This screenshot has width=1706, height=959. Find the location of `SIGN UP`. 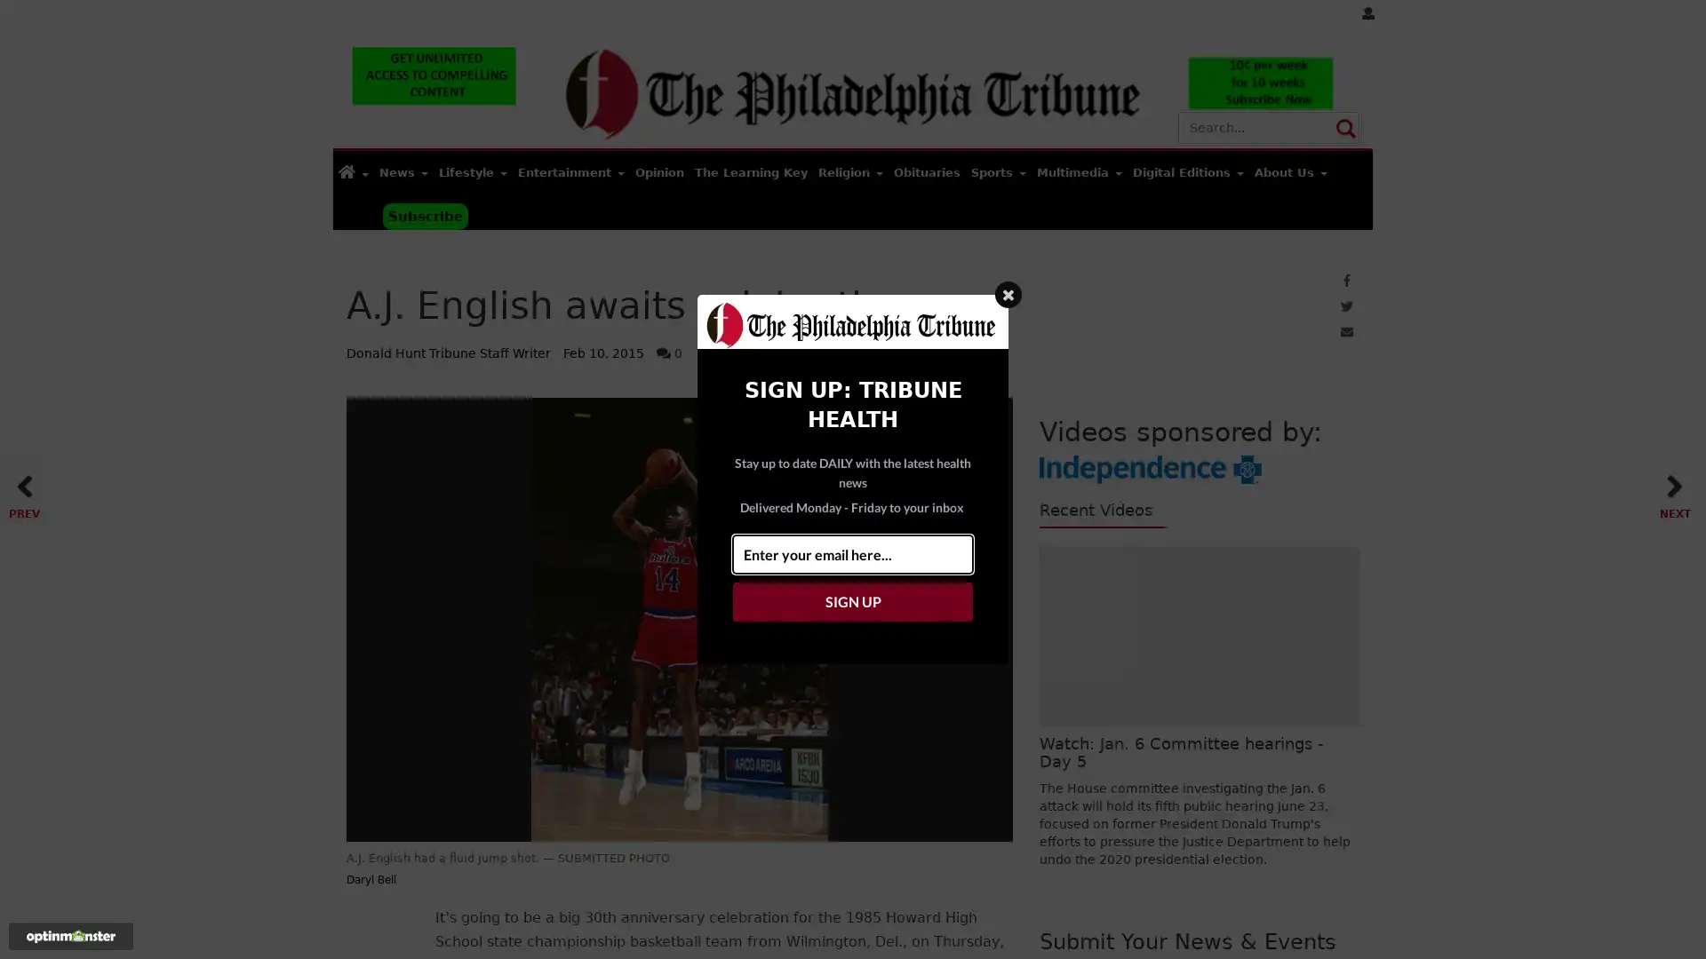

SIGN UP is located at coordinates (853, 601).